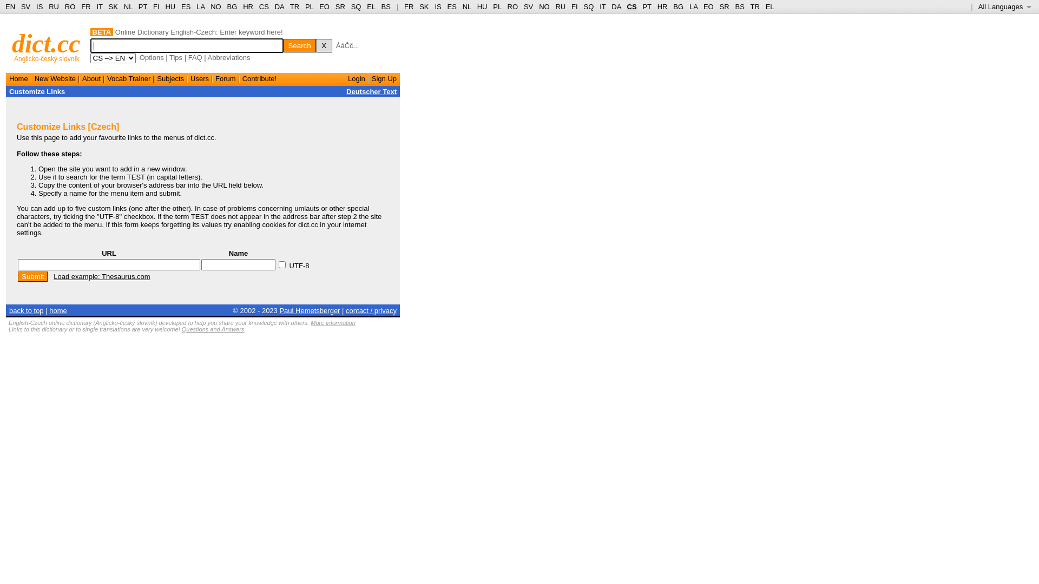 The width and height of the screenshot is (1039, 584). Describe the element at coordinates (408, 6) in the screenshot. I see `'FR'` at that location.